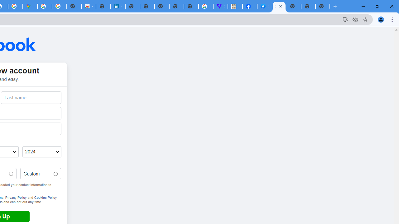 This screenshot has height=224, width=399. Describe the element at coordinates (377, 6) in the screenshot. I see `'Restore'` at that location.